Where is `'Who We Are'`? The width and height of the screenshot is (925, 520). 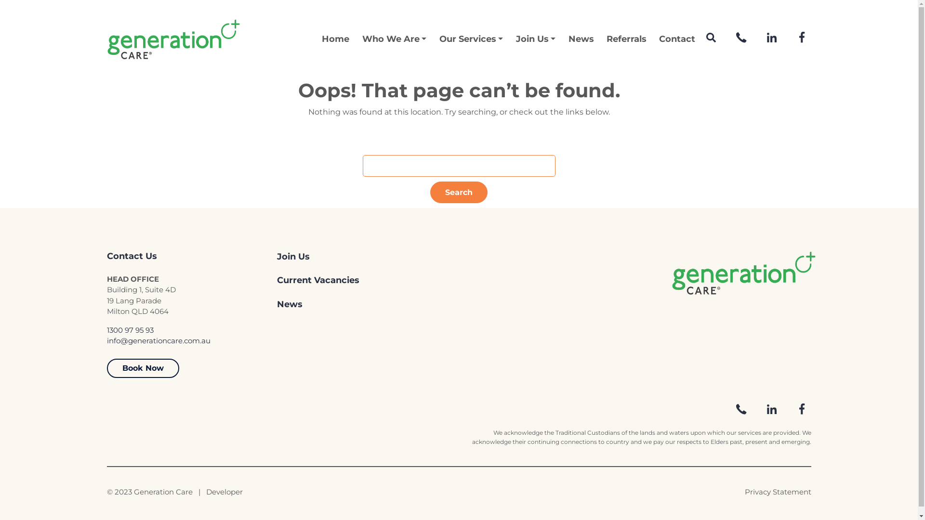
'Who We Are' is located at coordinates (395, 39).